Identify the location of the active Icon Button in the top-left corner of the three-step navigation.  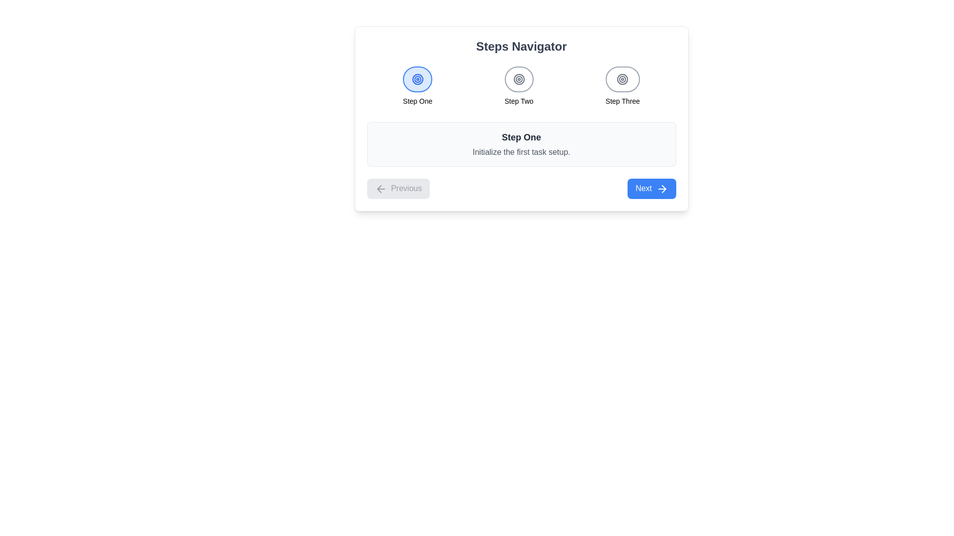
(417, 78).